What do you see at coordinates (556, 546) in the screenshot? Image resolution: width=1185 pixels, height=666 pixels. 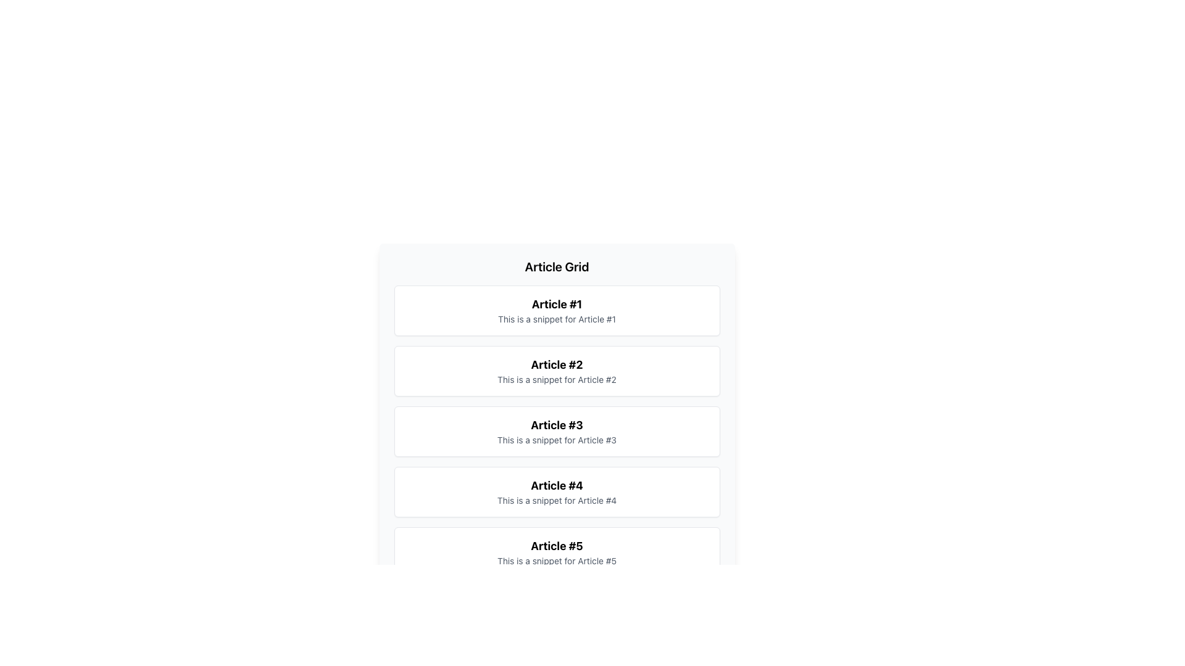 I see `bold black text label displaying 'Article #5', which is positioned at the top of the fifth card in a vertically stacked list of cards` at bounding box center [556, 546].